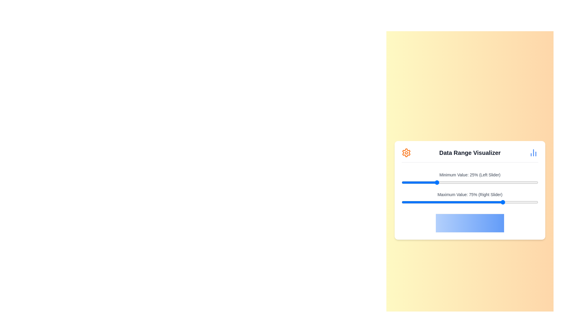 The image size is (565, 318). What do you see at coordinates (482, 182) in the screenshot?
I see `the left slider` at bounding box center [482, 182].